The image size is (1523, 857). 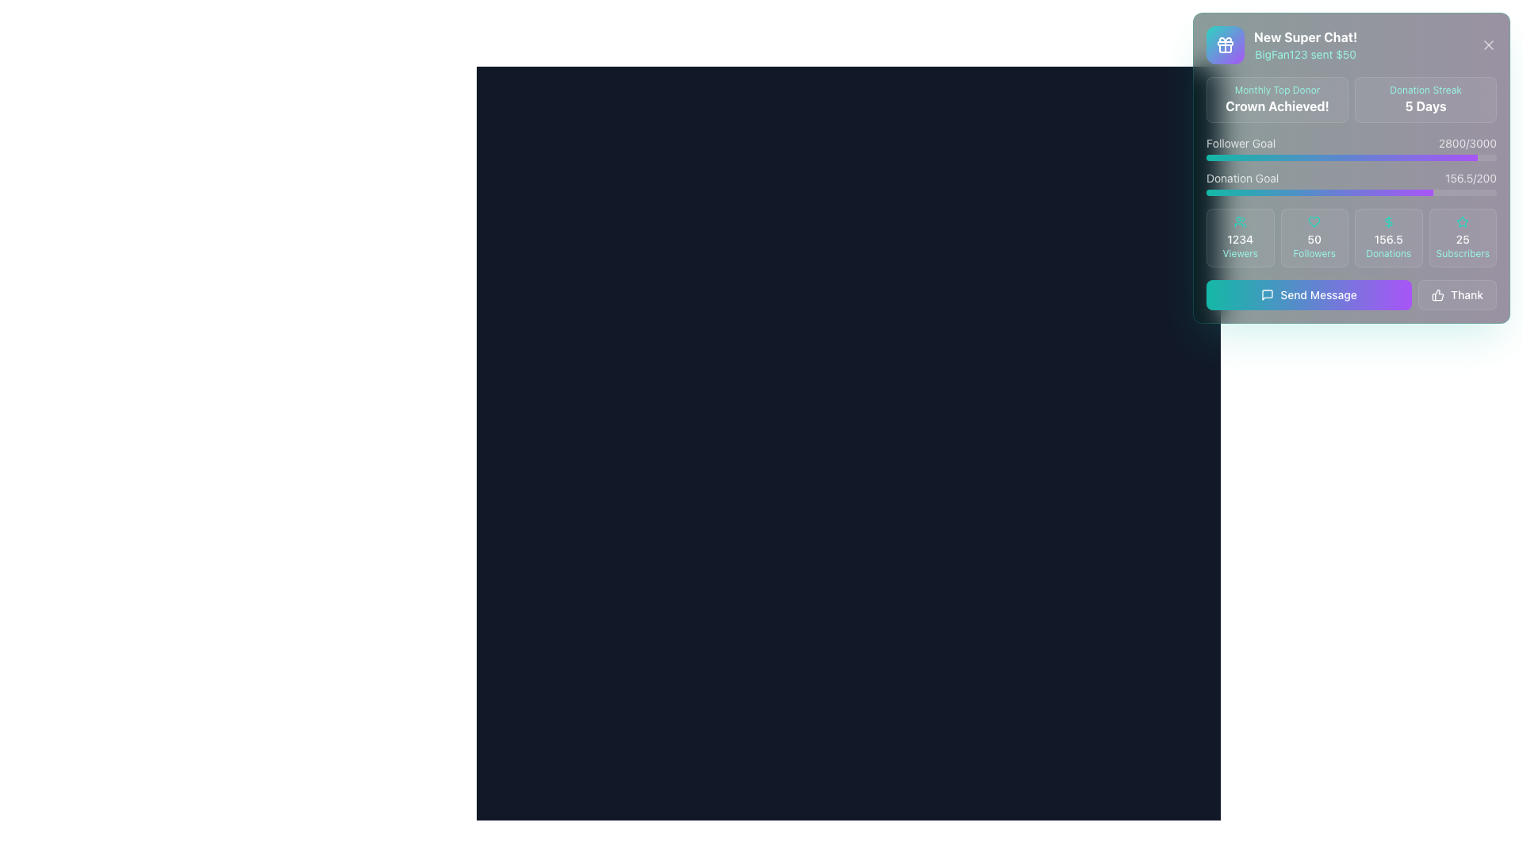 I want to click on bold text label that says 'Crown Achieved!' which is styled in white and has a teal hover effect, located just below 'Monthly Top Donor', so click(x=1277, y=106).